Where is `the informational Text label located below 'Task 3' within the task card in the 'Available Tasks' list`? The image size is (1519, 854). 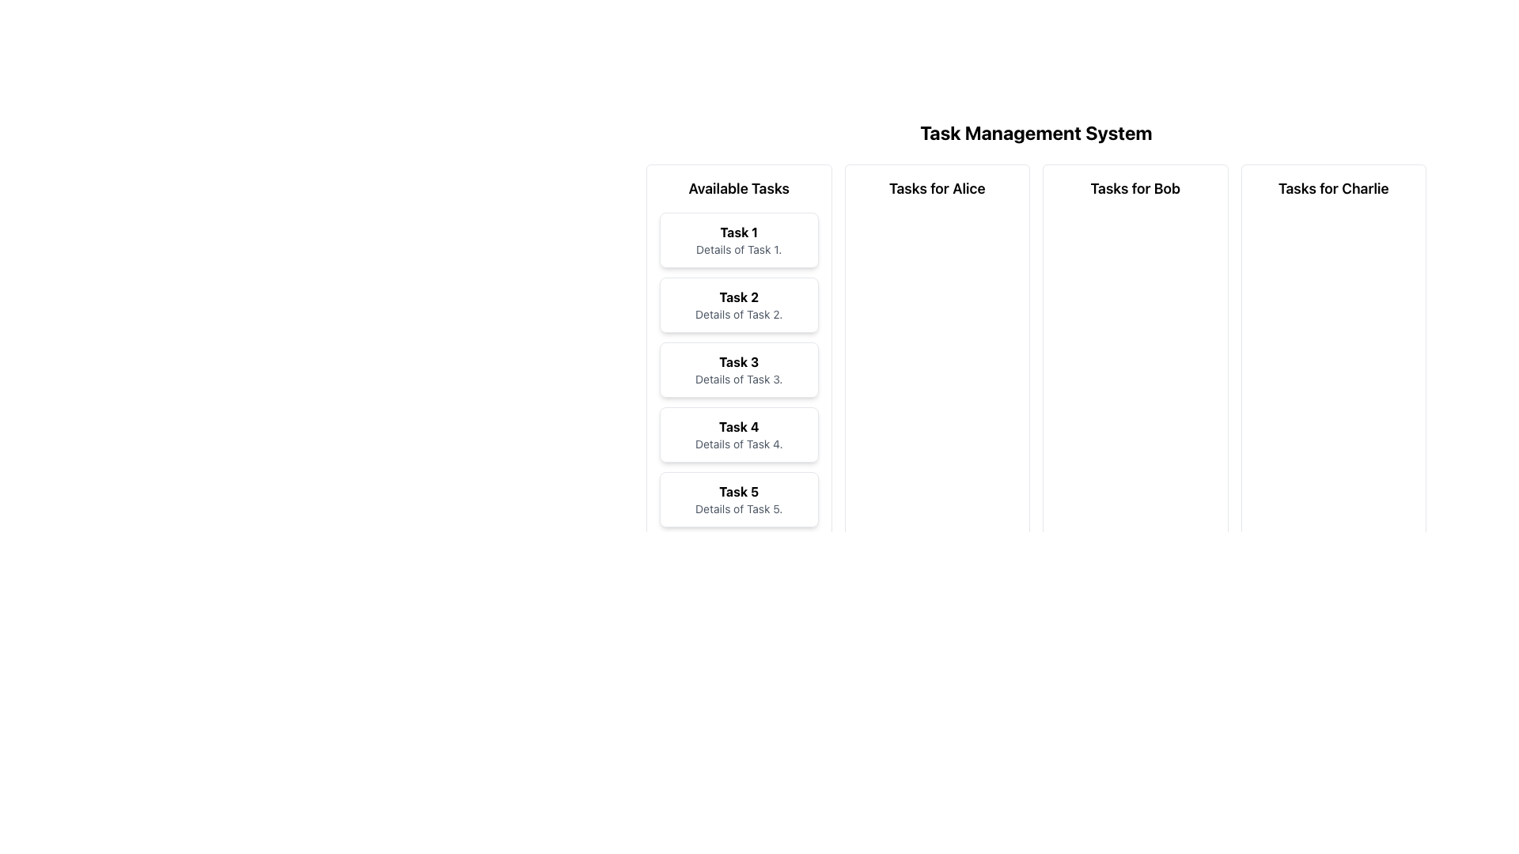 the informational Text label located below 'Task 3' within the task card in the 'Available Tasks' list is located at coordinates (738, 379).